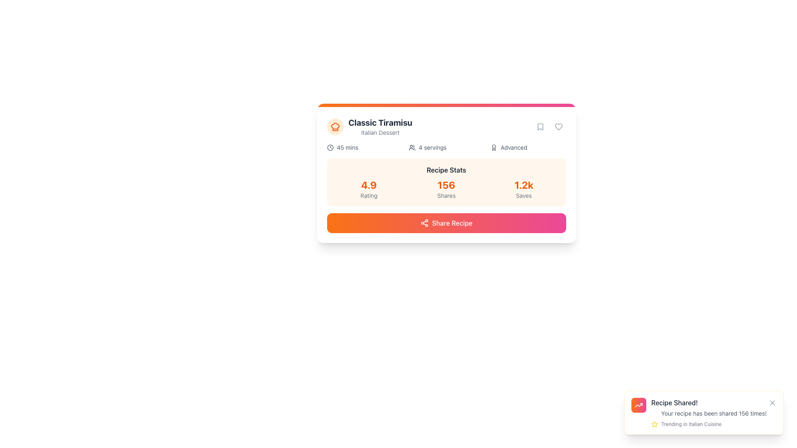 Image resolution: width=797 pixels, height=448 pixels. I want to click on the Text Display that shows the count of shares for the recipe in the 'Recipe Stats' section, which is located centrally in the second row as the left component of the 'Shares' pair, so click(446, 185).